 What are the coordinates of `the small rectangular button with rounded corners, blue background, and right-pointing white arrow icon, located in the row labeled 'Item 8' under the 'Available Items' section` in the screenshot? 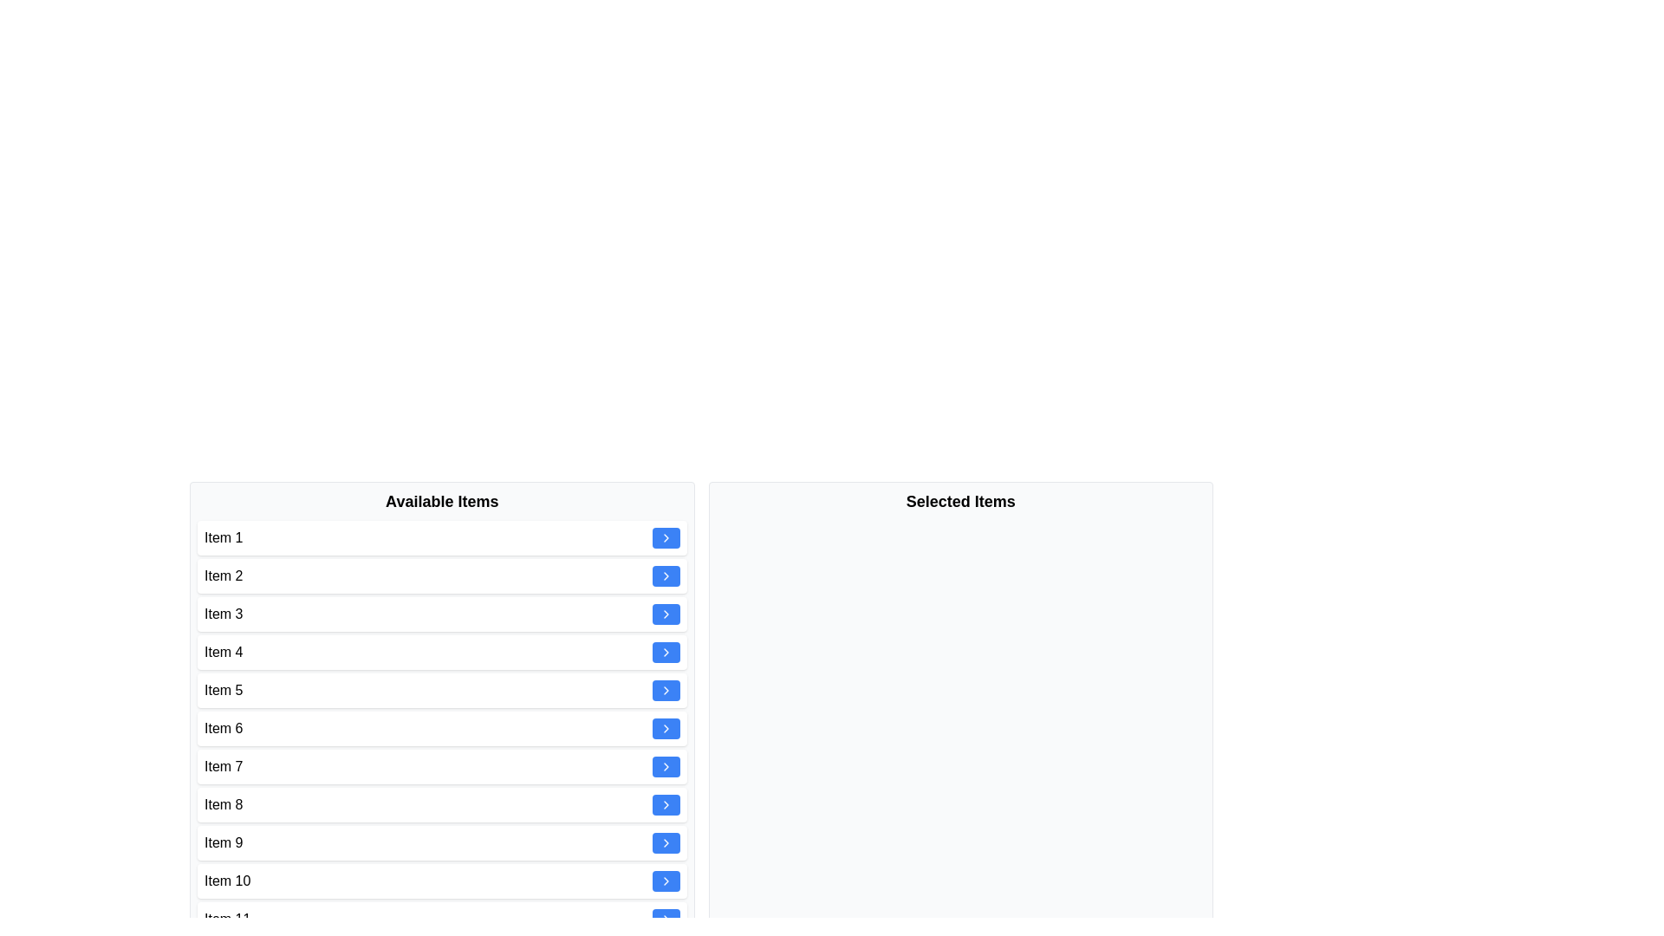 It's located at (665, 805).